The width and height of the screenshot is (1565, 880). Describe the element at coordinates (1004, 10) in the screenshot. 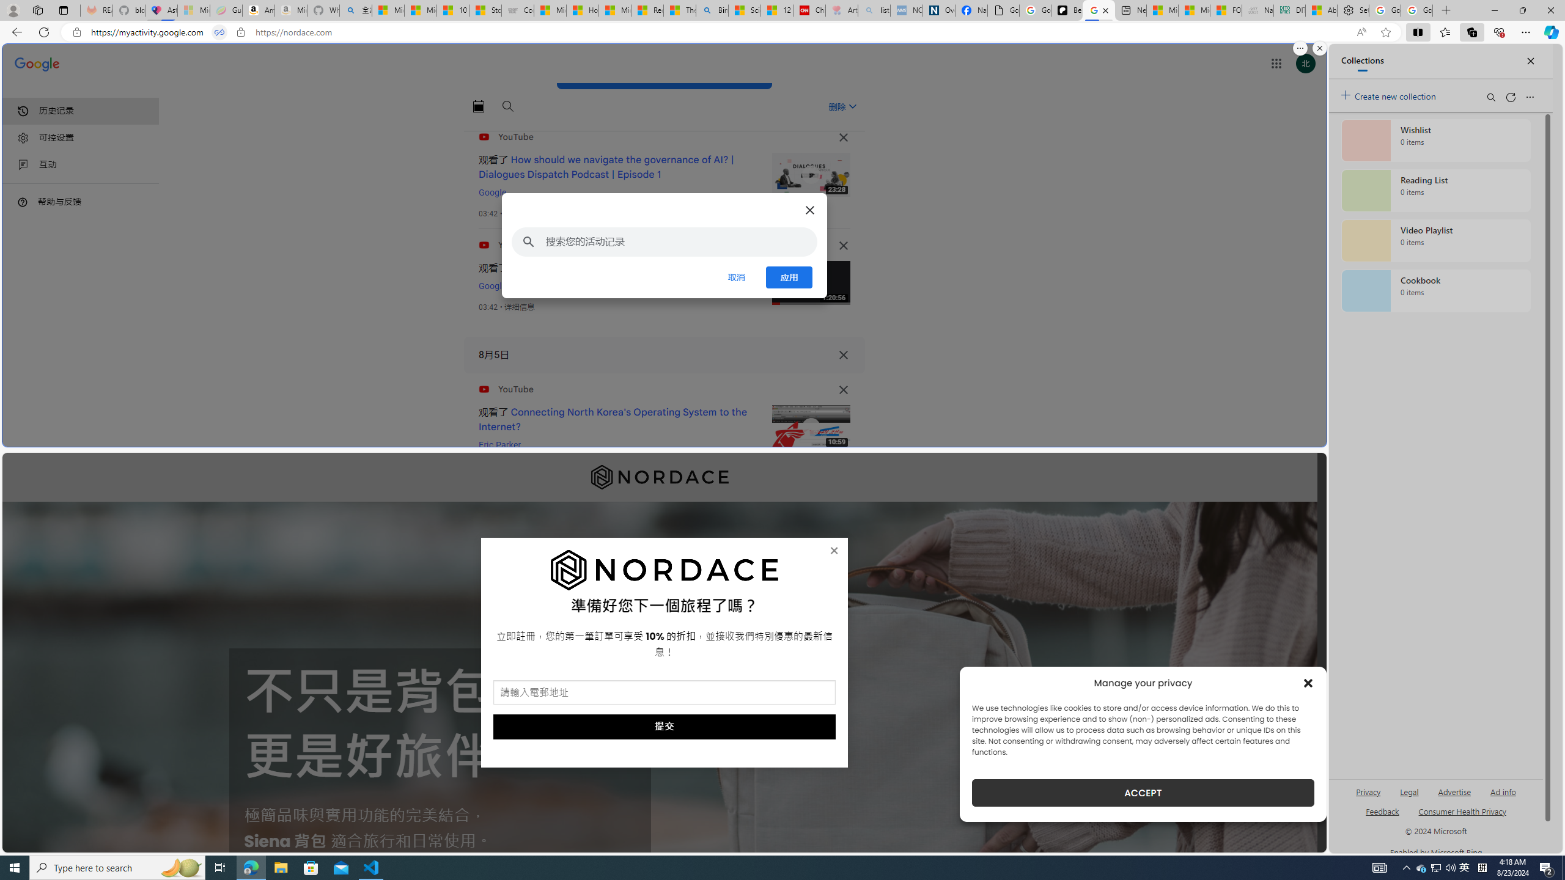

I see `'Google Analytics Opt-out Browser Add-on Download Page'` at that location.